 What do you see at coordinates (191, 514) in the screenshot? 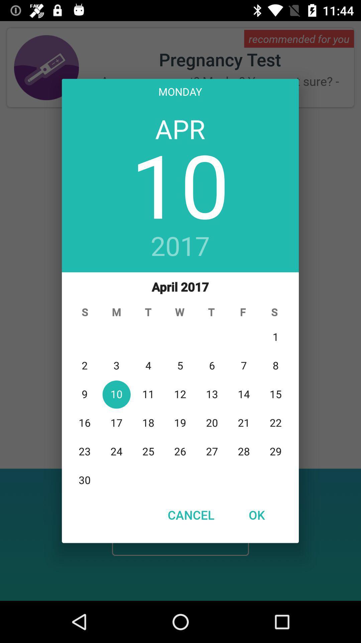
I see `item at the bottom` at bounding box center [191, 514].